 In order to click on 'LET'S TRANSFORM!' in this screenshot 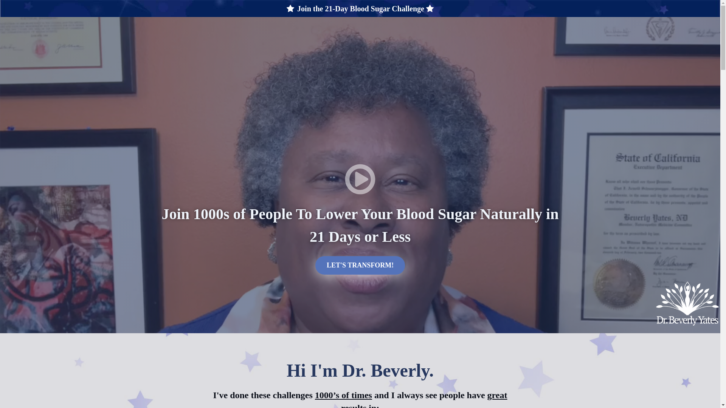, I will do `click(360, 265)`.